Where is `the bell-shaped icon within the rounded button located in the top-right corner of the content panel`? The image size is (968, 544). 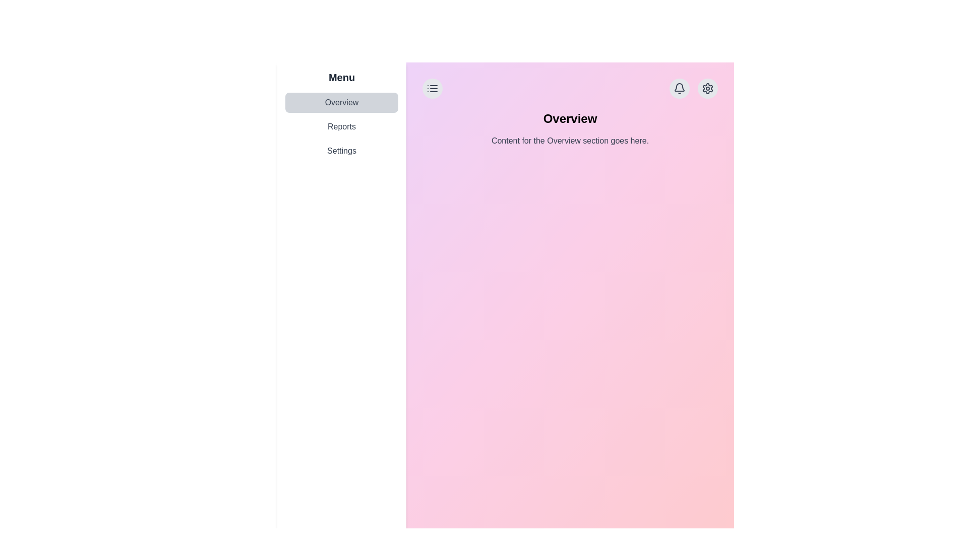
the bell-shaped icon within the rounded button located in the top-right corner of the content panel is located at coordinates (680, 88).